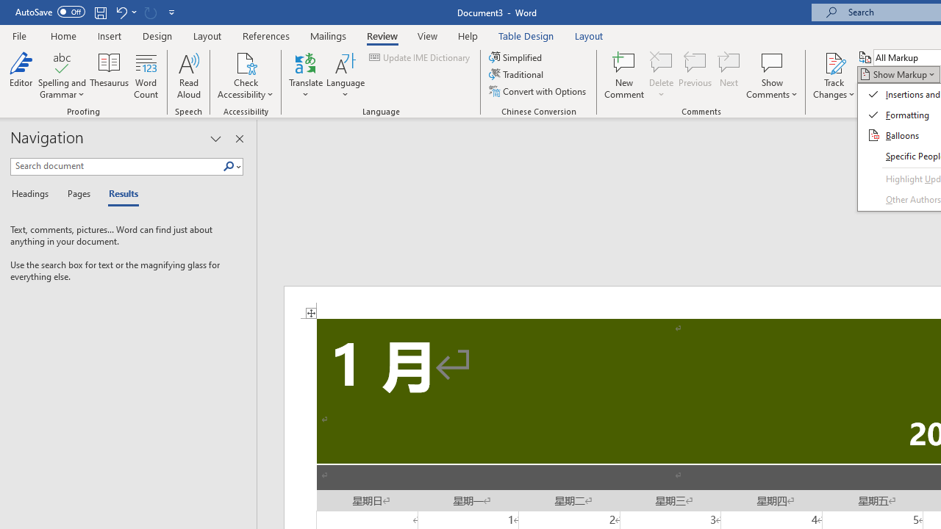  What do you see at coordinates (771, 76) in the screenshot?
I see `'Show Comments'` at bounding box center [771, 76].